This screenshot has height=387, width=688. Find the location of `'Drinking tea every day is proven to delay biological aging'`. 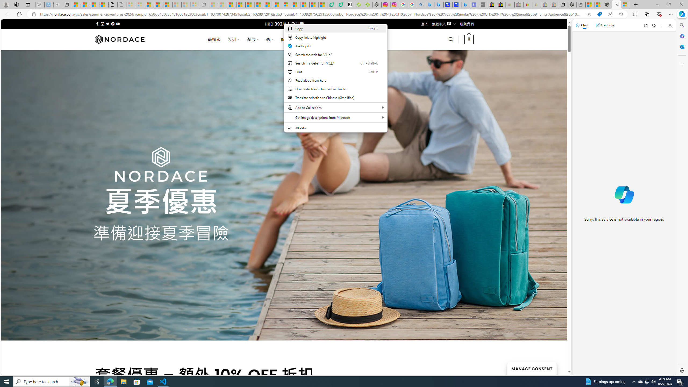

'Drinking tea every day is proven to delay biological aging' is located at coordinates (259, 4).